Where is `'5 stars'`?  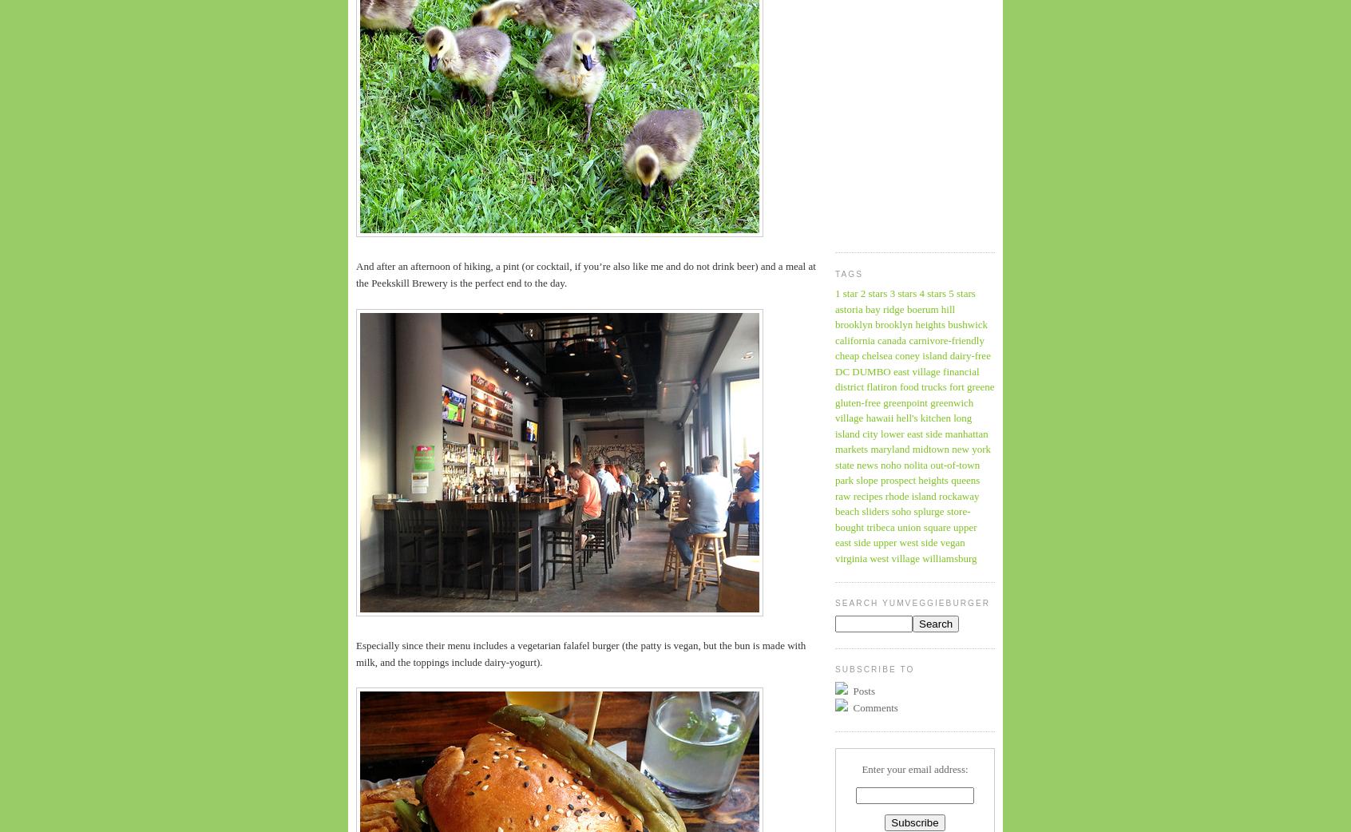 '5 stars' is located at coordinates (961, 292).